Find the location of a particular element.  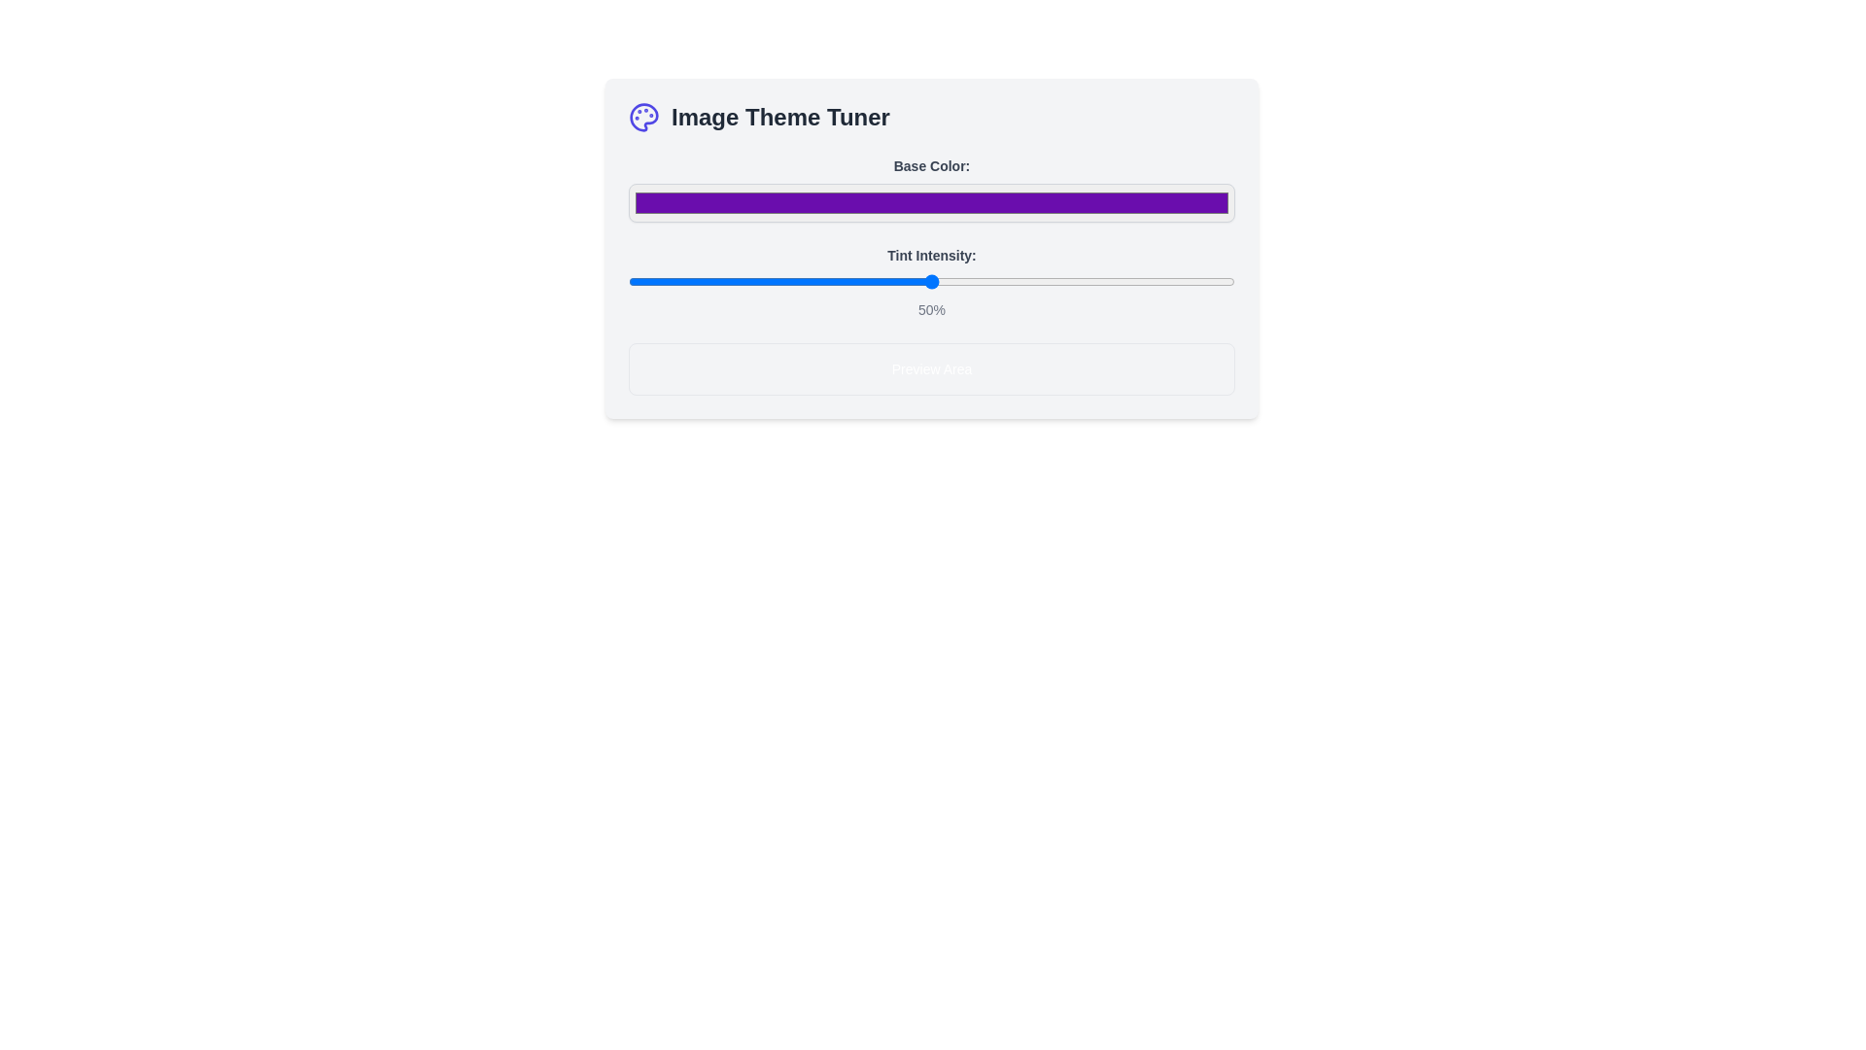

the Tint Intensity is located at coordinates (1114, 281).